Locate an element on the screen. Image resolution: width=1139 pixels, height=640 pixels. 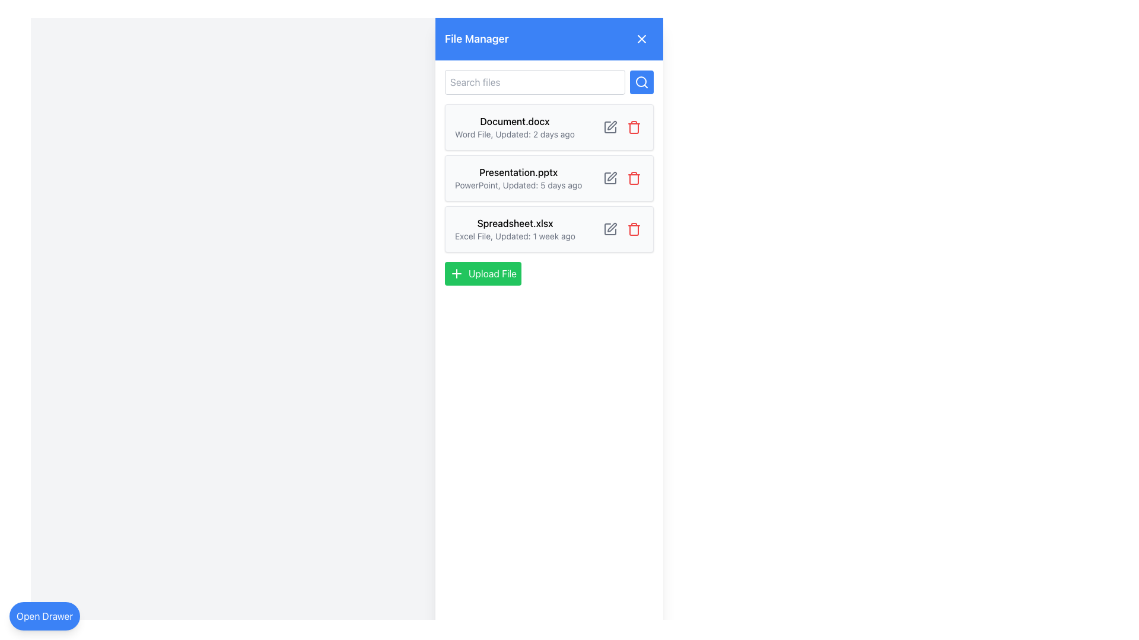
the edit button of a file within the File List Section located in the File Manager panel, positioned below the search bar and above the Upload File button is located at coordinates (549, 178).